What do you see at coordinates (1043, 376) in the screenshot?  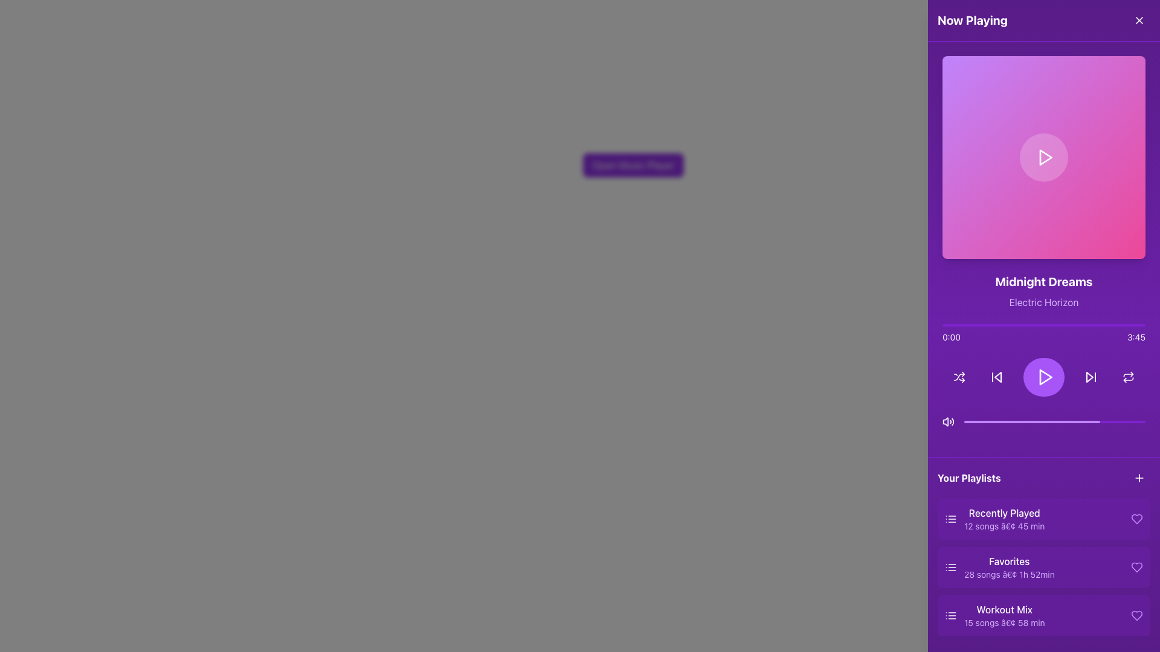 I see `the primary play button for media control, located centrally between two smaller circular icons` at bounding box center [1043, 376].